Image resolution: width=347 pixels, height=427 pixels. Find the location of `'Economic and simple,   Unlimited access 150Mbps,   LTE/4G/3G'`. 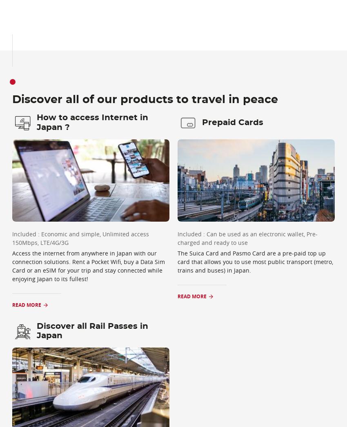

'Economic and simple,   Unlimited access 150Mbps,   LTE/4G/3G' is located at coordinates (80, 238).